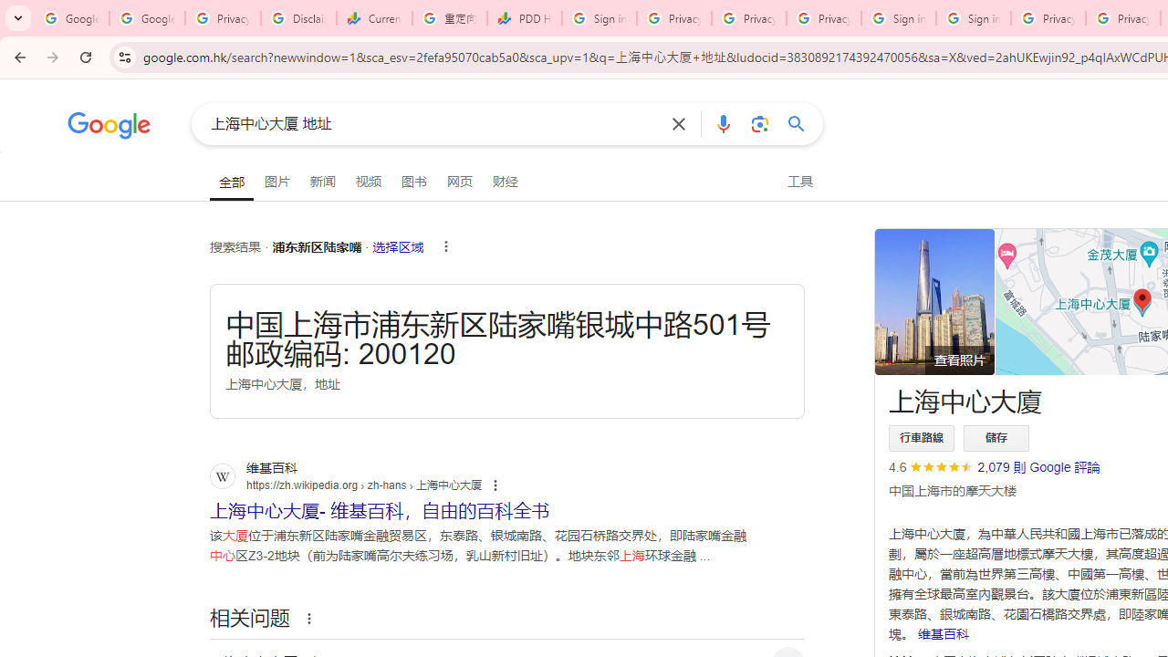 This screenshot has height=657, width=1168. What do you see at coordinates (71, 18) in the screenshot?
I see `'Google Workspace Admin Community'` at bounding box center [71, 18].